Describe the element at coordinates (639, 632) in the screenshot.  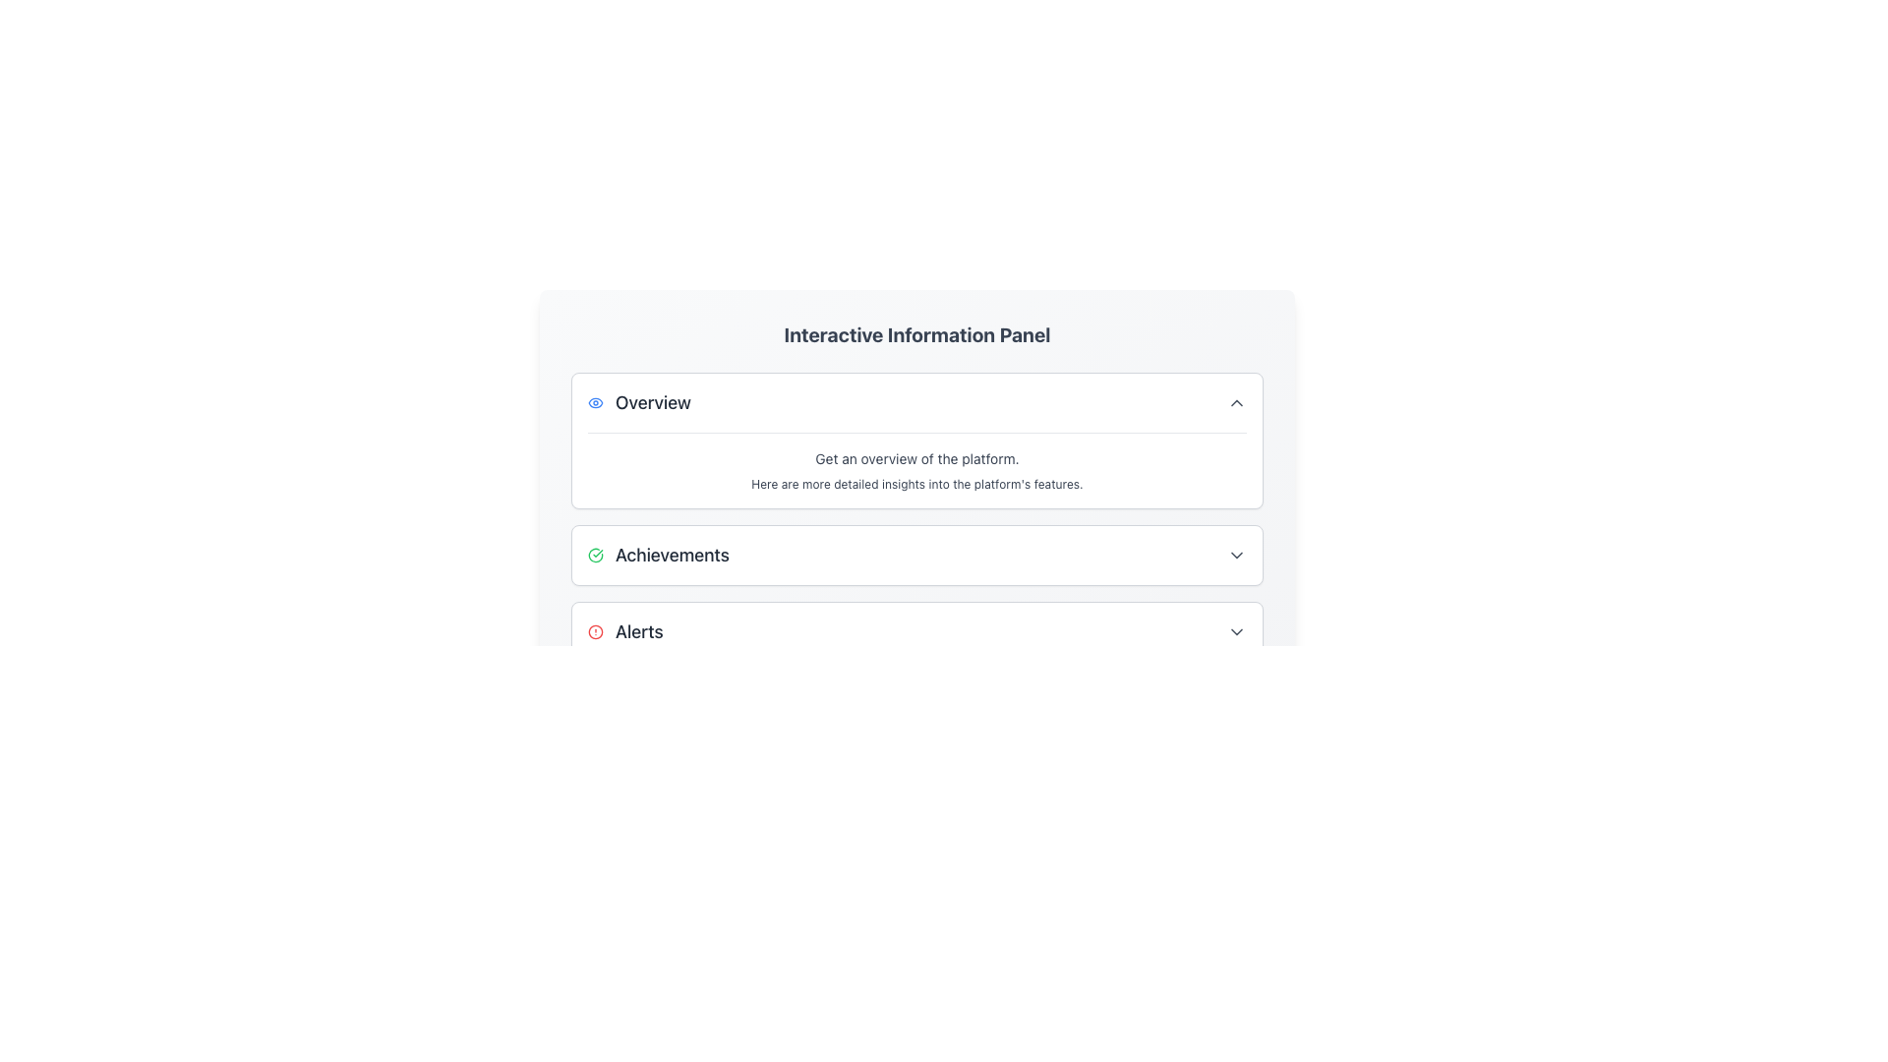
I see `text label displaying 'Alerts', which is styled in gray and positioned to the right of a circular red icon, as the third item in a vertically stacked menu` at that location.